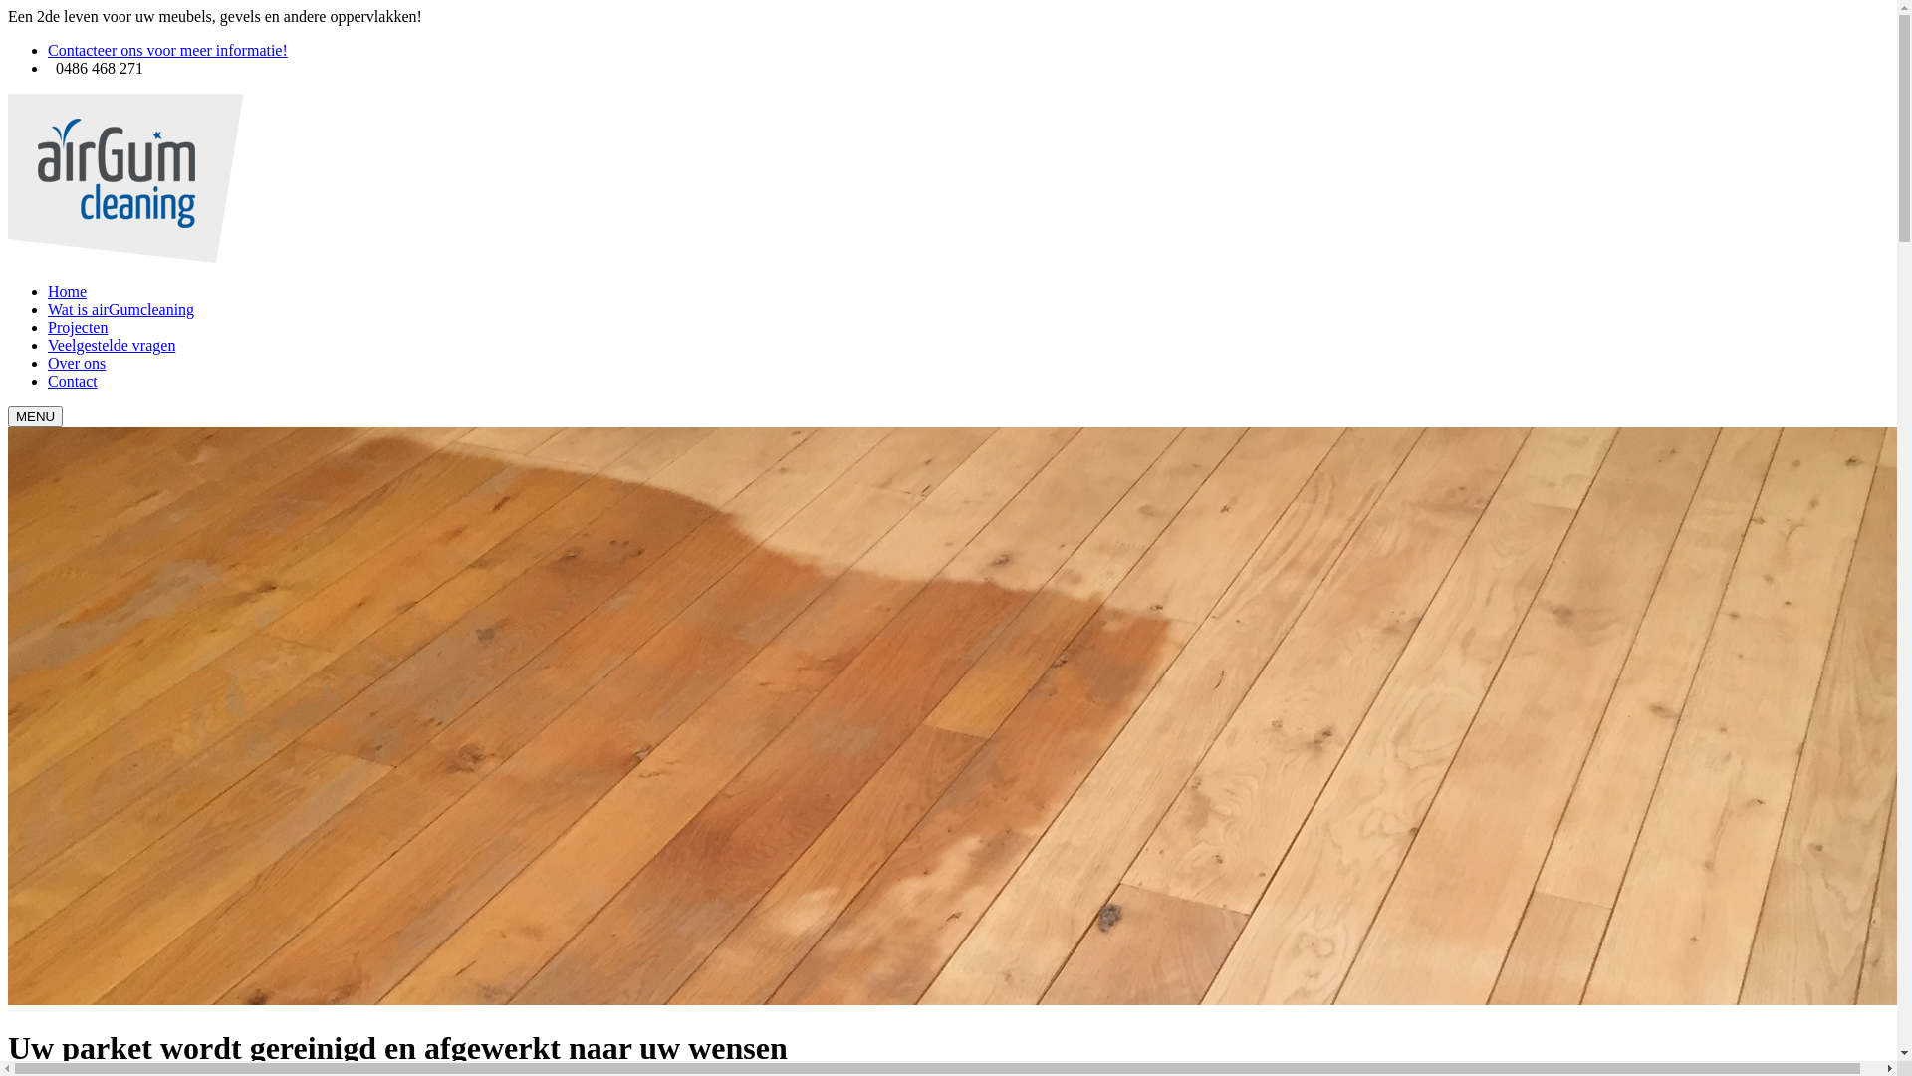 The height and width of the screenshot is (1076, 1912). I want to click on 'Contacteer ons voor meer informatie!', so click(167, 49).